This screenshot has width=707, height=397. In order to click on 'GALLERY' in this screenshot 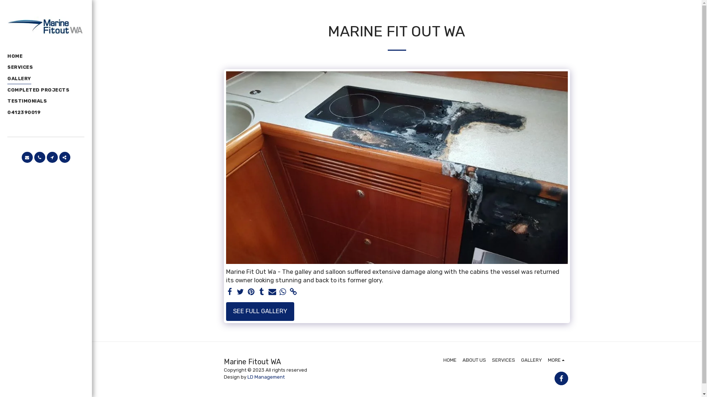, I will do `click(531, 360)`.